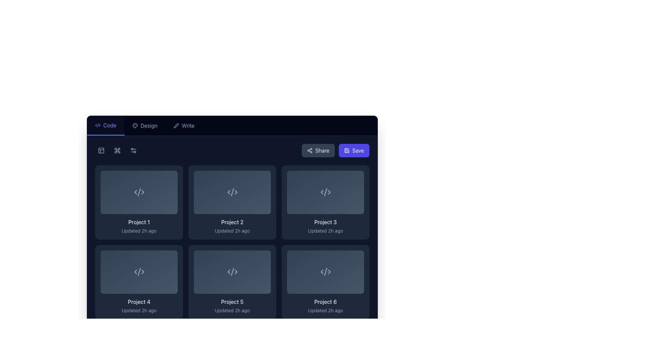  What do you see at coordinates (325, 272) in the screenshot?
I see `the icon representing code or XML tags, which consists of a pair of angle brackets with a diagonal line, located in the sixth item of the grid layout in the 'Code' section` at bounding box center [325, 272].